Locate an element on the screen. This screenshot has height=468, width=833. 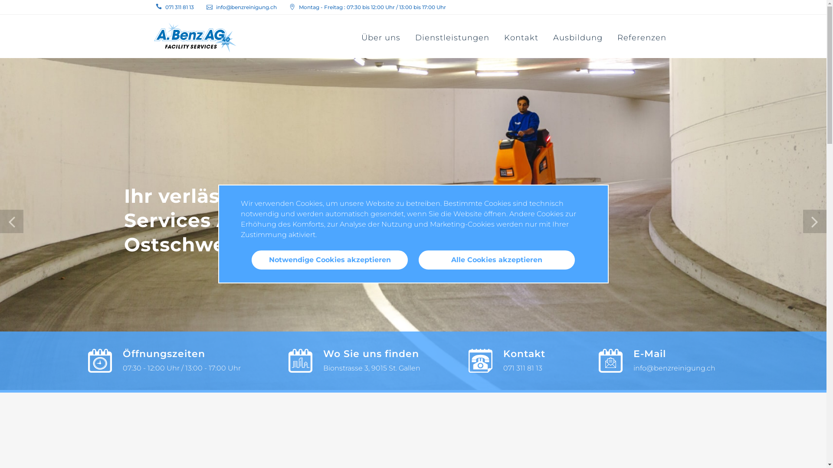
'Referenzen' is located at coordinates (642, 37).